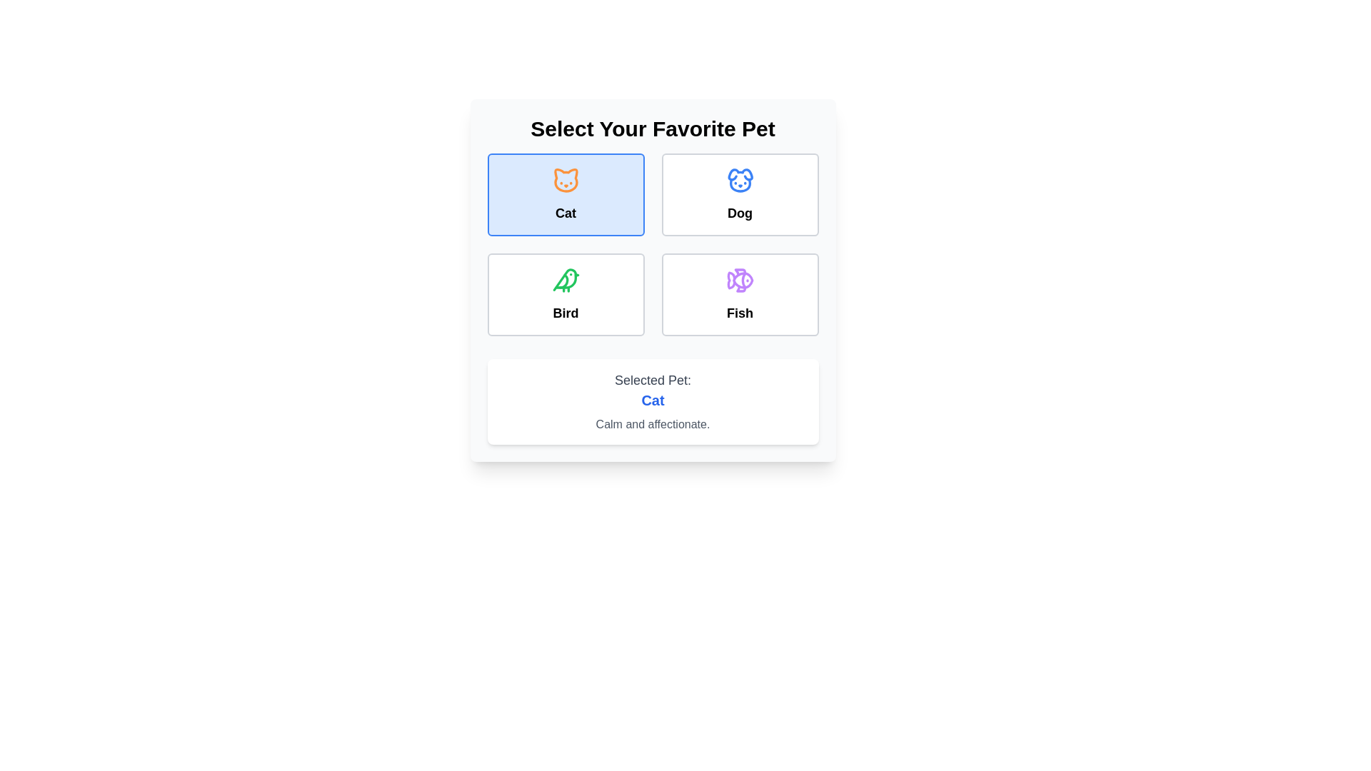 This screenshot has width=1371, height=771. Describe the element at coordinates (565, 179) in the screenshot. I see `the decorative 'Cat' icon in the top-left button of the selection grid for choosing a favorite pet` at that location.